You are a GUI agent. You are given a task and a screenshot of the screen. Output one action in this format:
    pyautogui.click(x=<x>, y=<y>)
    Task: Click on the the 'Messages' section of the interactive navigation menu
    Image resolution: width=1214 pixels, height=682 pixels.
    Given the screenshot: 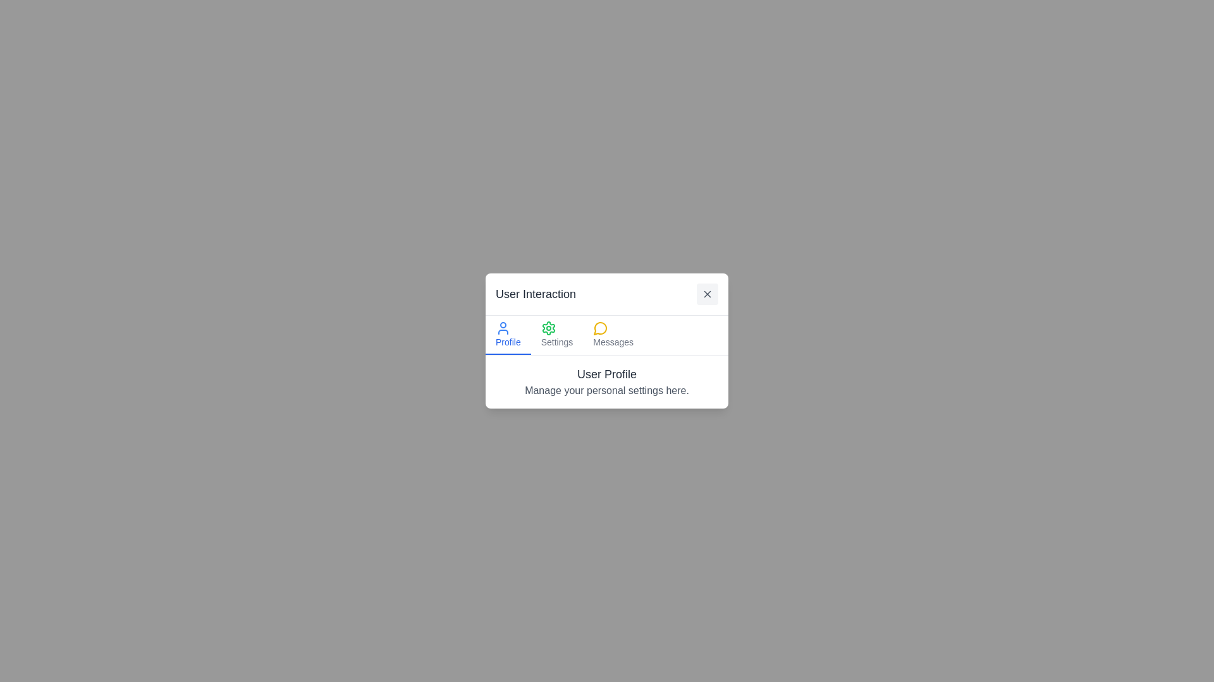 What is the action you would take?
    pyautogui.click(x=607, y=335)
    